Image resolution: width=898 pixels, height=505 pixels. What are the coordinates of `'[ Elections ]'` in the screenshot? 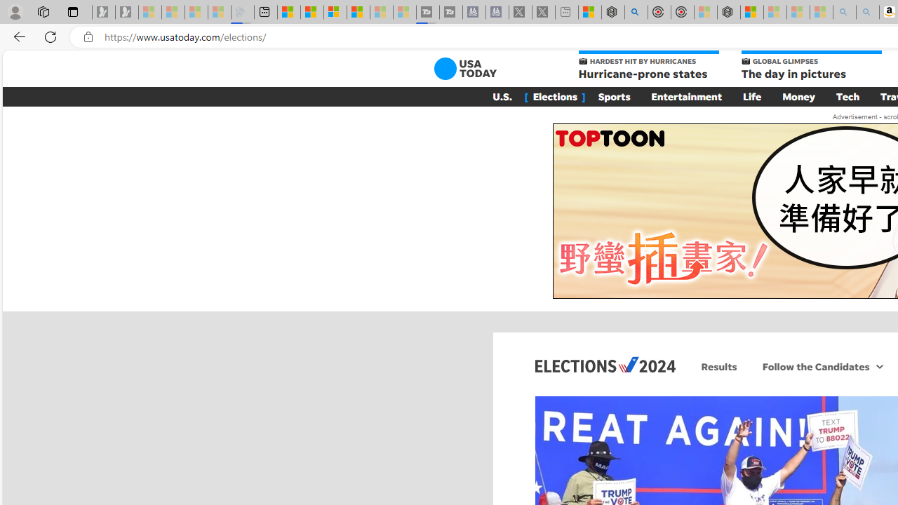 It's located at (554, 95).